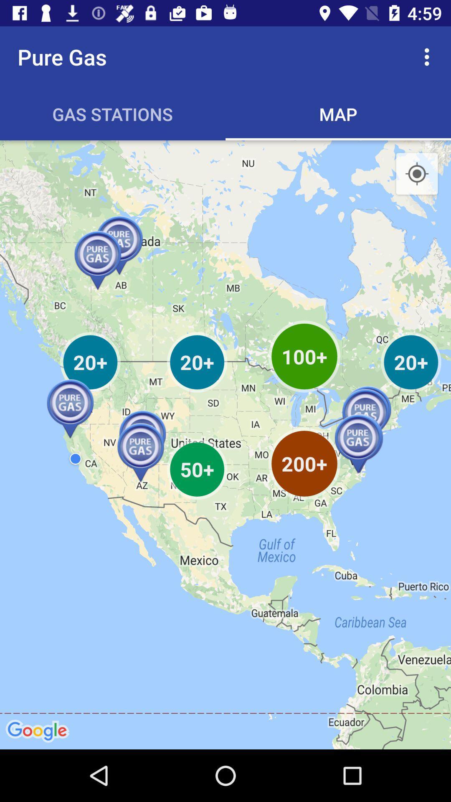  What do you see at coordinates (429, 56) in the screenshot?
I see `the item to the right of pure gas` at bounding box center [429, 56].